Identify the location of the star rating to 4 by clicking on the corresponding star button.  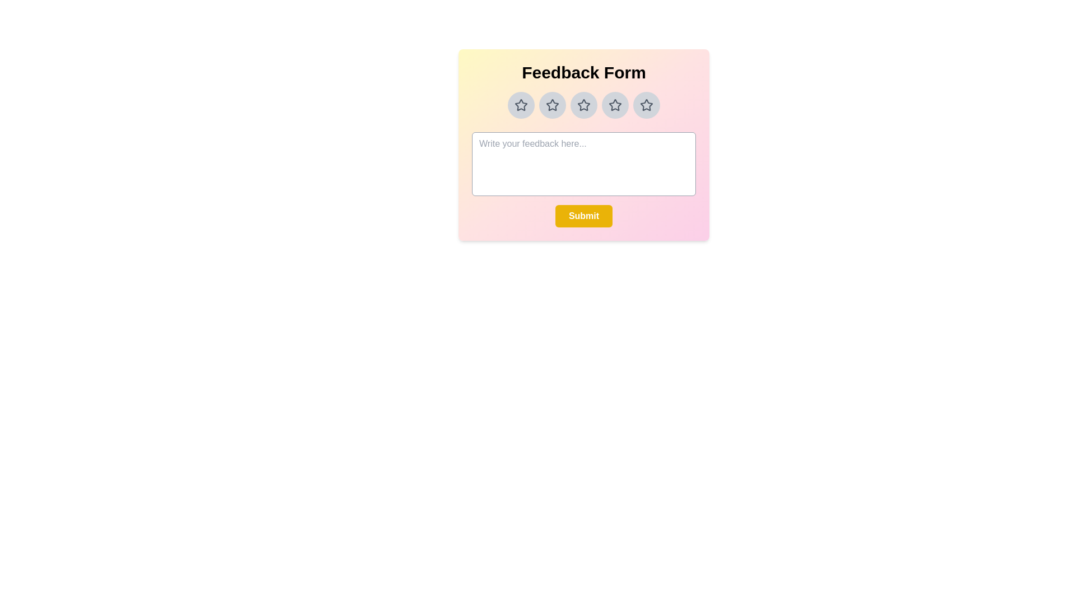
(615, 105).